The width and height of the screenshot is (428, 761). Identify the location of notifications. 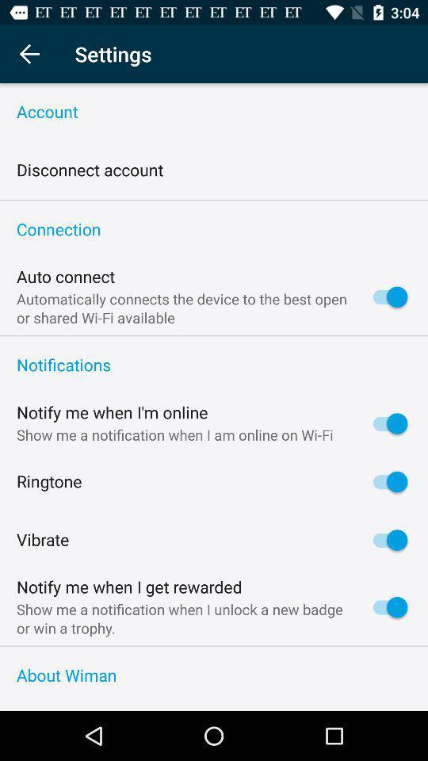
(214, 365).